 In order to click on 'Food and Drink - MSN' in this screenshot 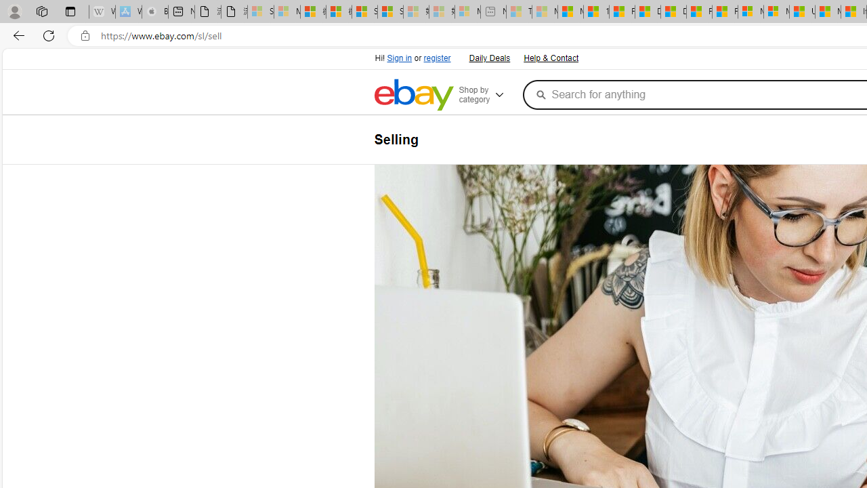, I will do `click(621, 12)`.